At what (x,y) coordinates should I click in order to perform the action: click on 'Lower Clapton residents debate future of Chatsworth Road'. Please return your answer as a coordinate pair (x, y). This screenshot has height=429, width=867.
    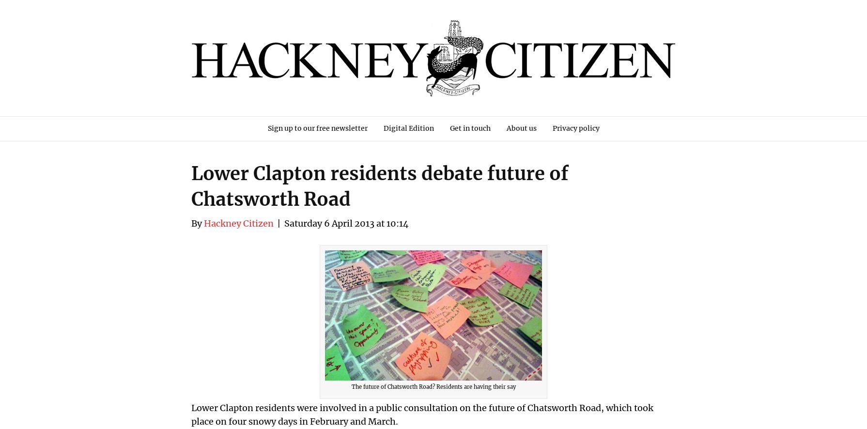
    Looking at the image, I should click on (379, 185).